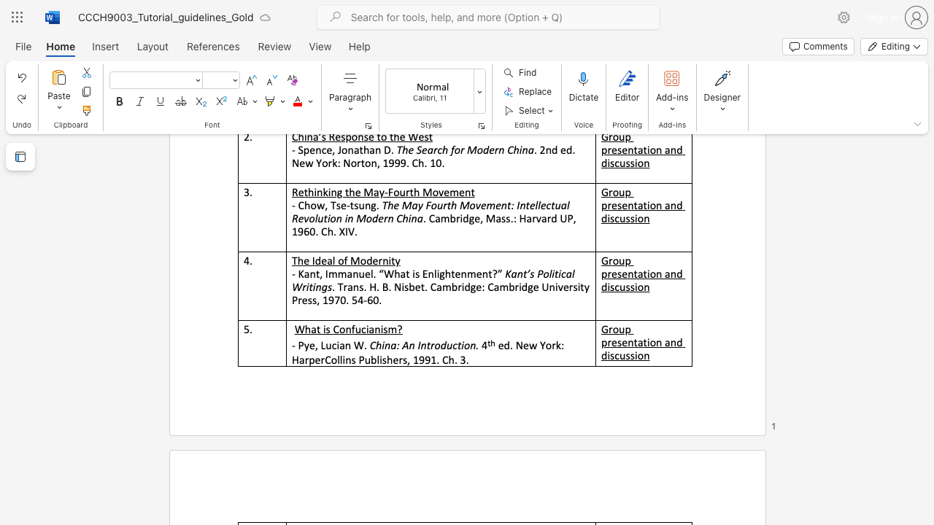 The image size is (934, 525). What do you see at coordinates (297, 346) in the screenshot?
I see `the subset text "Pye" within the text "- Pye, Lucian W."` at bounding box center [297, 346].